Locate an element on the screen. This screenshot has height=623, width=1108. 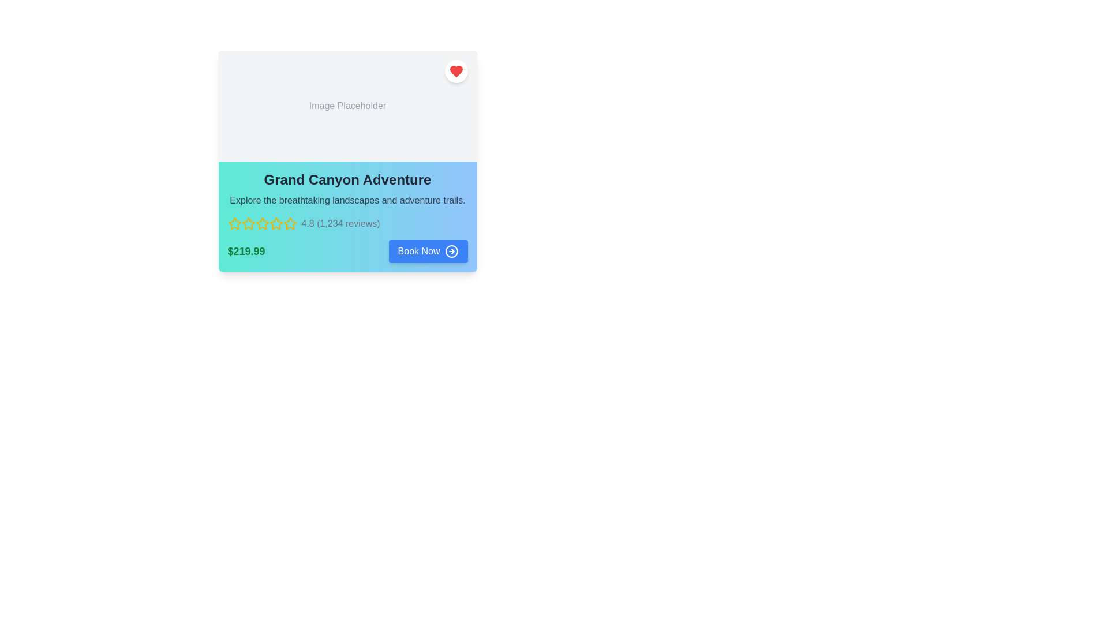
the third star icon in the star rating system located below 'Grand Canyon Adventure' and to the left of the numerical rating and review count is located at coordinates (248, 224).